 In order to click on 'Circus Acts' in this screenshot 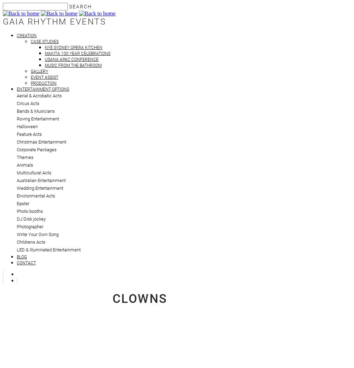, I will do `click(28, 103)`.